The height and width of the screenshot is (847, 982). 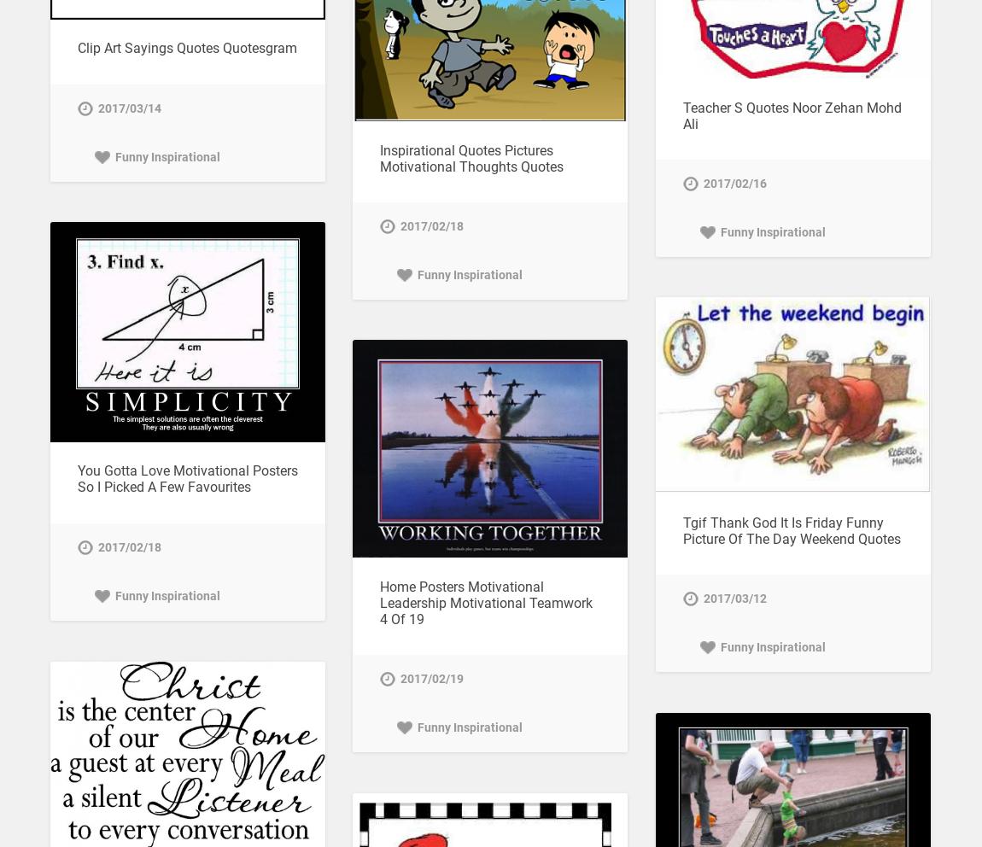 What do you see at coordinates (185, 48) in the screenshot?
I see `'Clip Art Sayings Quotes  Quotesgram'` at bounding box center [185, 48].